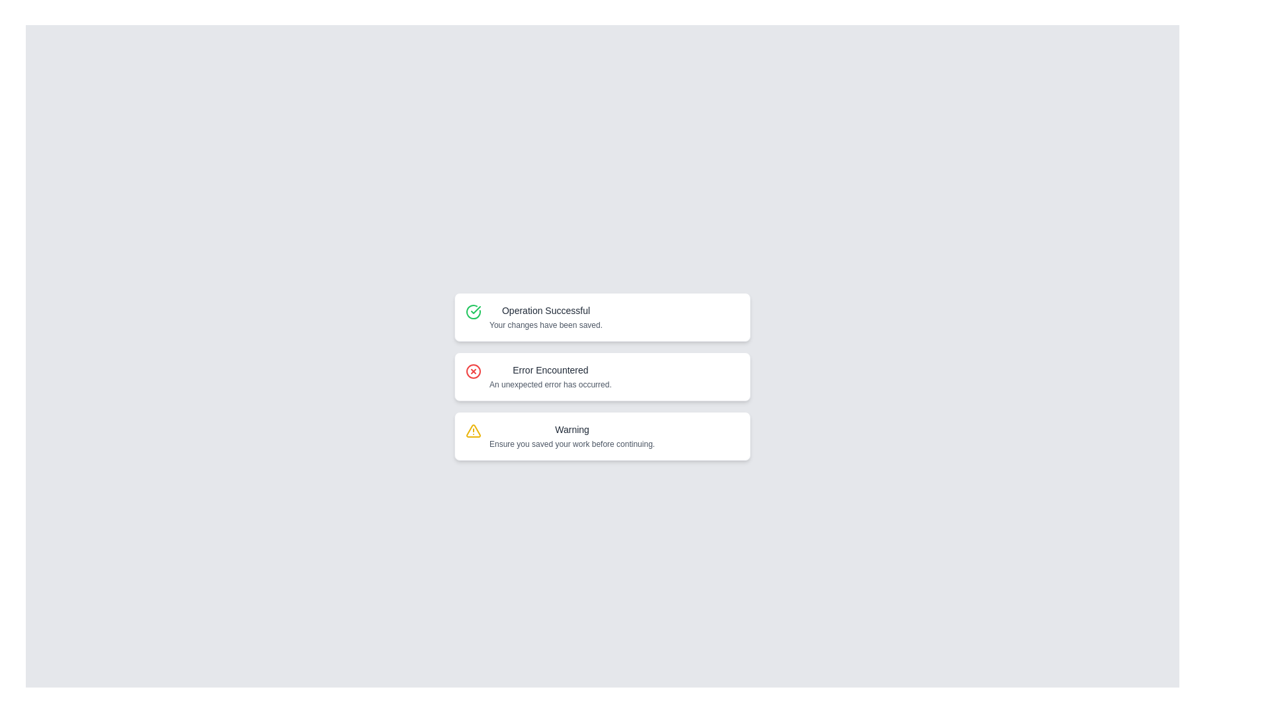 This screenshot has height=714, width=1270. I want to click on the circular part of the 'X' symbol in the red error icon associated with the 'Error Encountered' notification, which is located on the left side of the second notification card, so click(473, 372).